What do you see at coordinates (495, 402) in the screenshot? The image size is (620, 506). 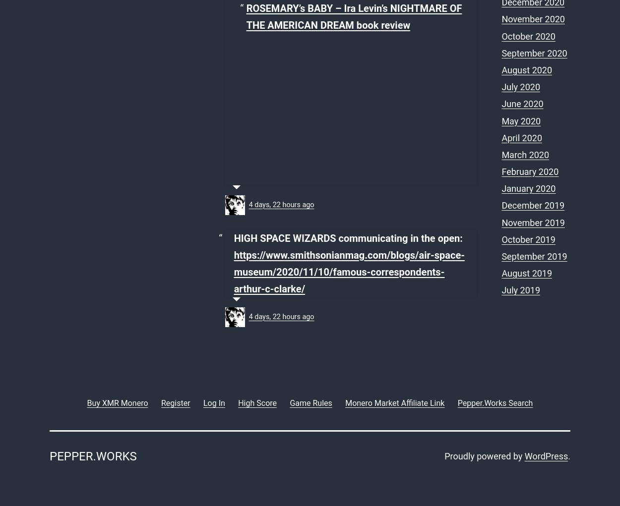 I see `'Pepper.Works Search'` at bounding box center [495, 402].